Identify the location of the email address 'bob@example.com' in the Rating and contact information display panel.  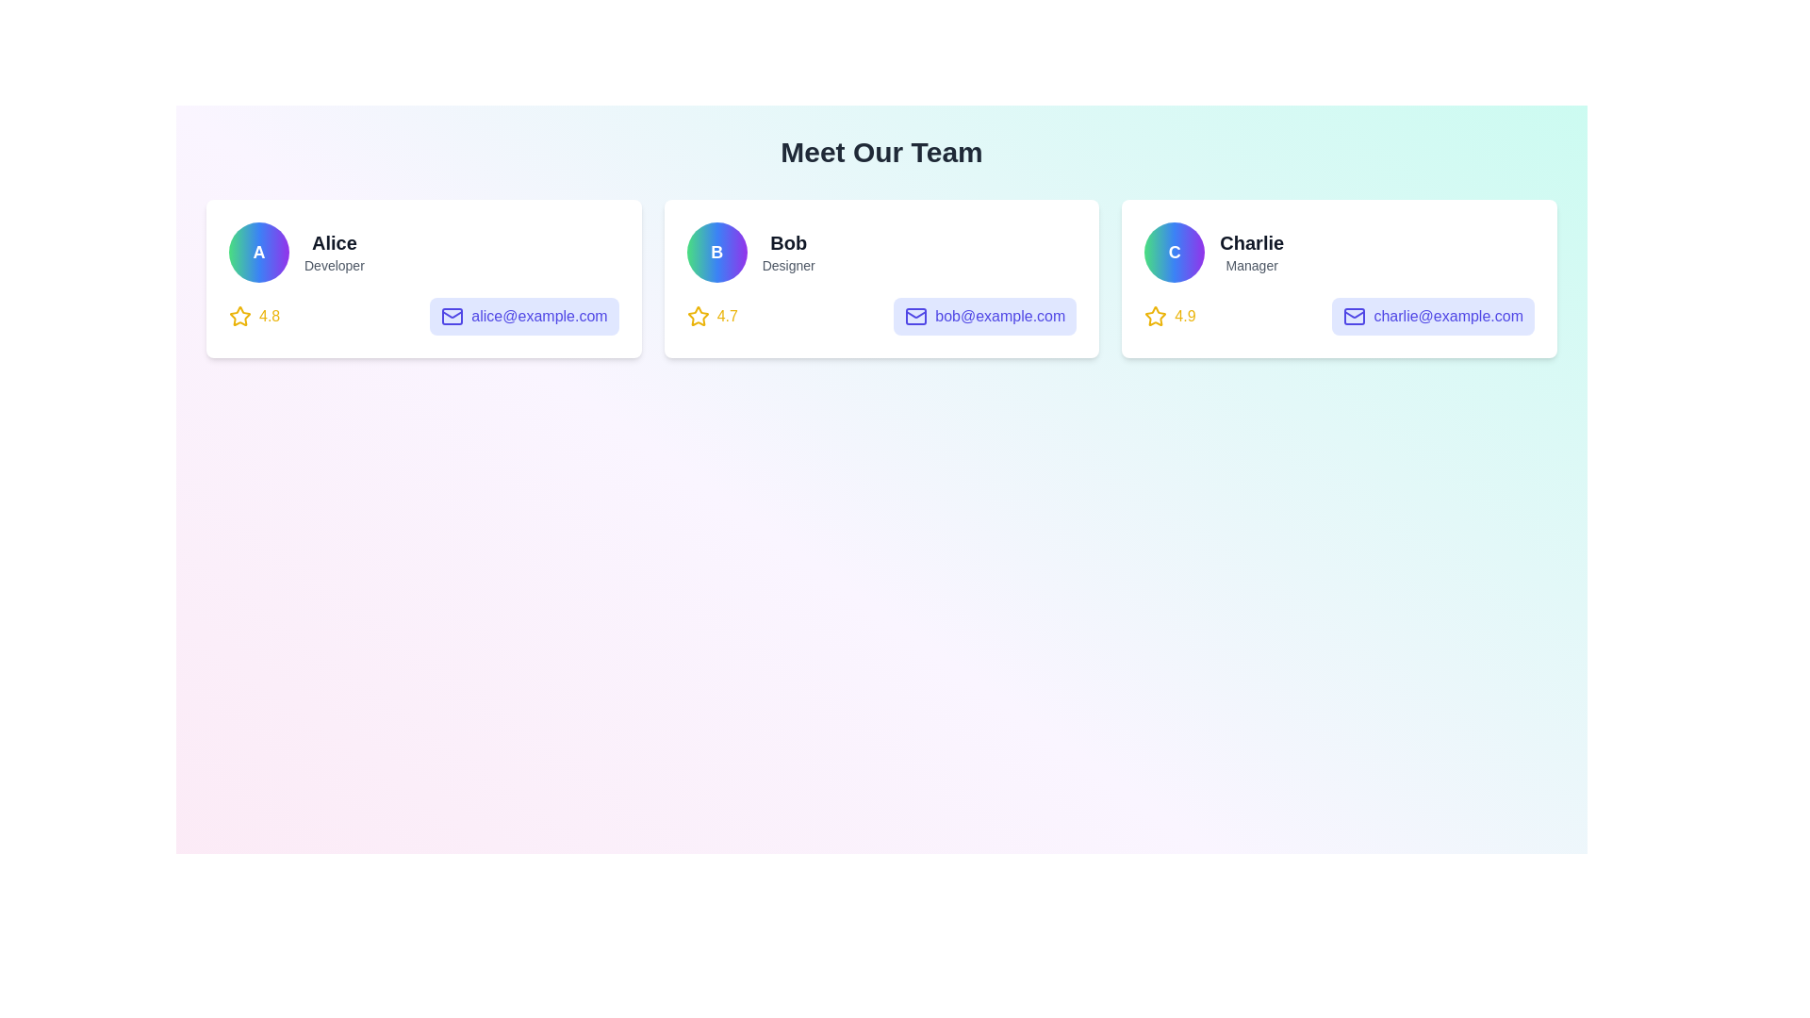
(880, 315).